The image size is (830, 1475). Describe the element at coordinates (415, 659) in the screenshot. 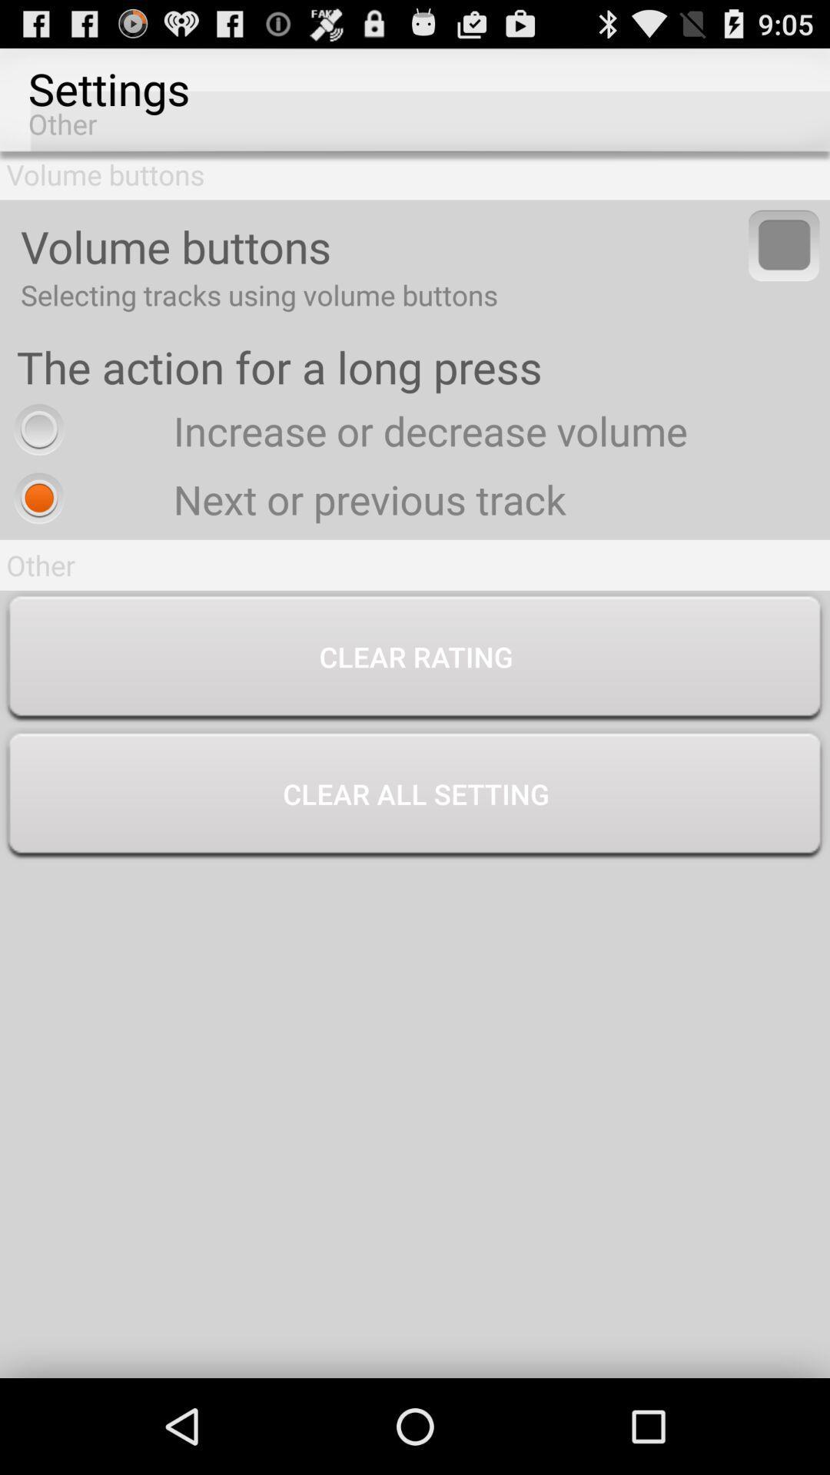

I see `button above the clear all setting icon` at that location.